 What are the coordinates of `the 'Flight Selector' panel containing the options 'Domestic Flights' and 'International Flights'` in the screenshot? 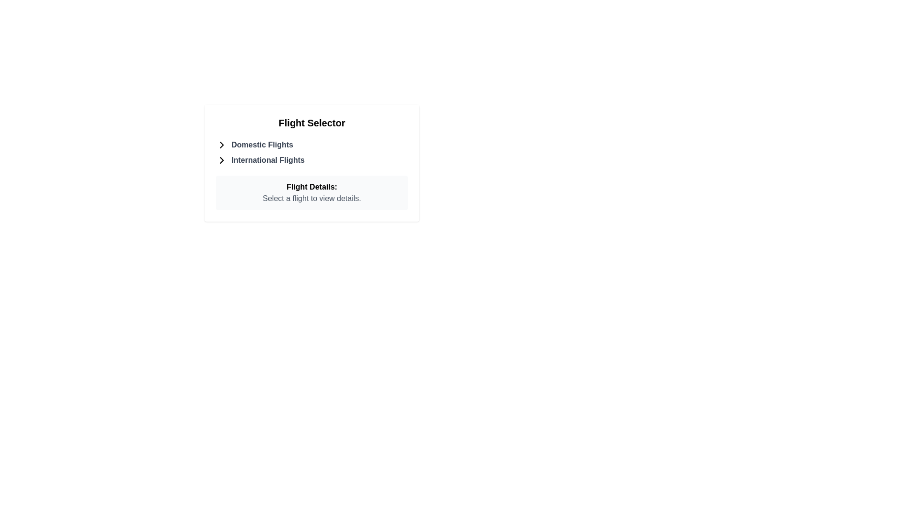 It's located at (312, 162).